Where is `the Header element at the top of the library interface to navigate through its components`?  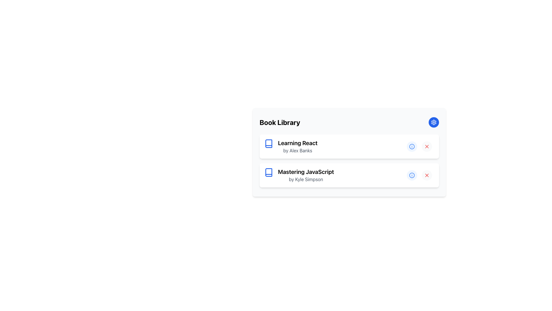
the Header element at the top of the library interface to navigate through its components is located at coordinates (349, 122).